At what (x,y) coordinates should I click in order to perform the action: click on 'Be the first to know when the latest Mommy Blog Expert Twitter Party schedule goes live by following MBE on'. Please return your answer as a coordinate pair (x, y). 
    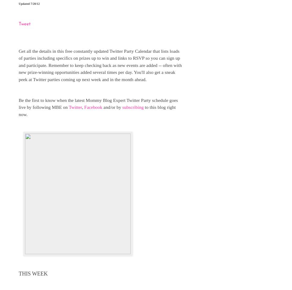
    Looking at the image, I should click on (98, 103).